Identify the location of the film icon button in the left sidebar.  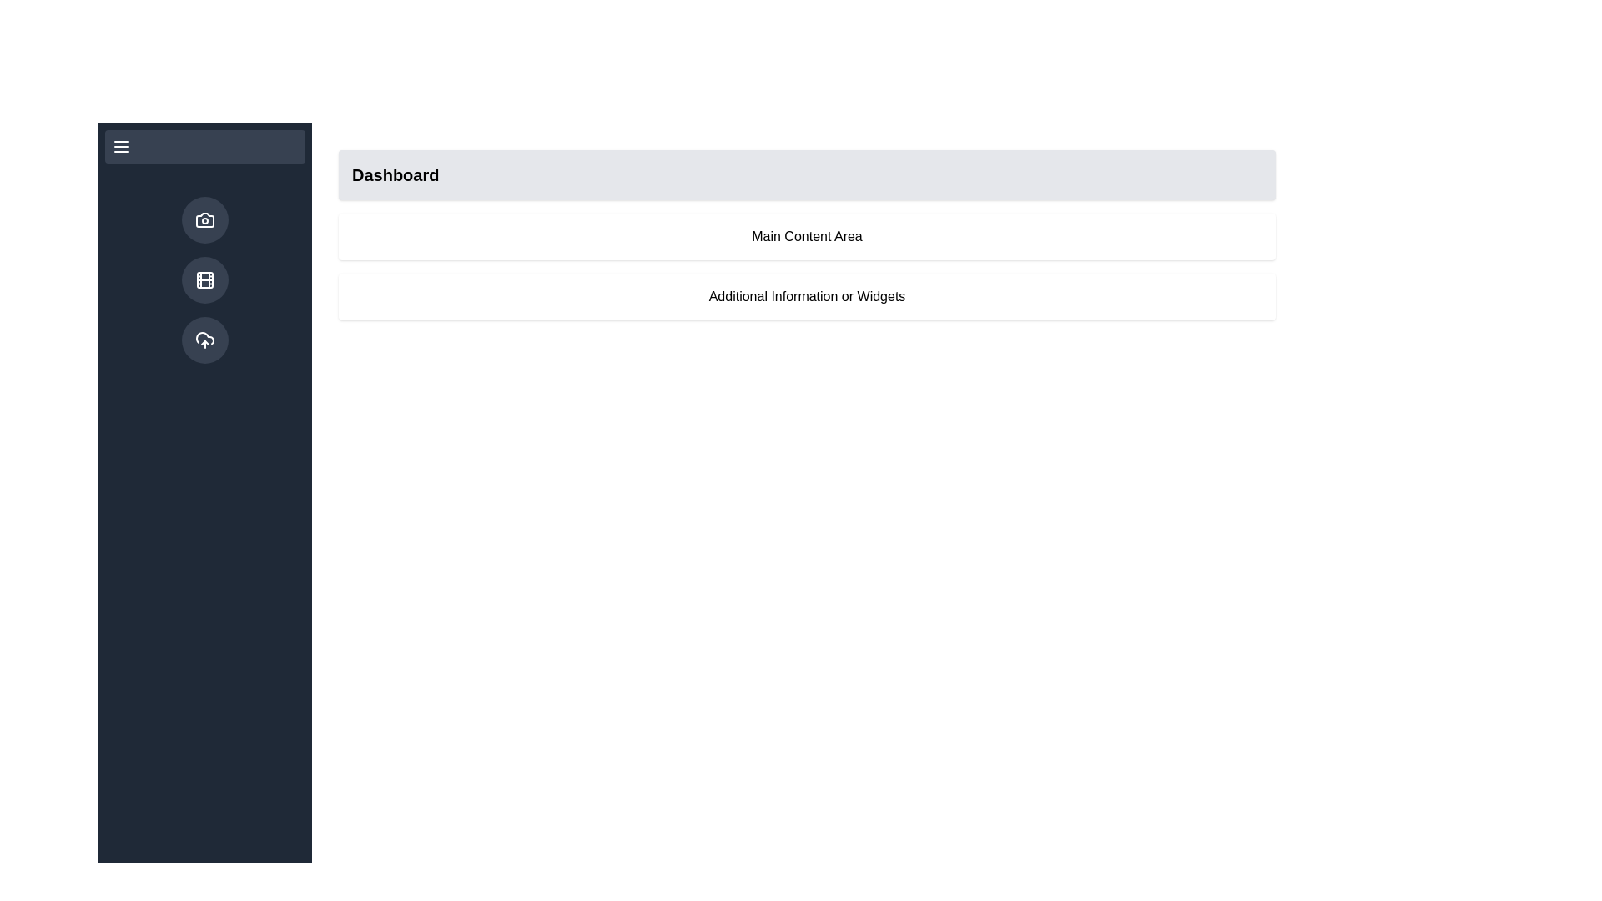
(204, 279).